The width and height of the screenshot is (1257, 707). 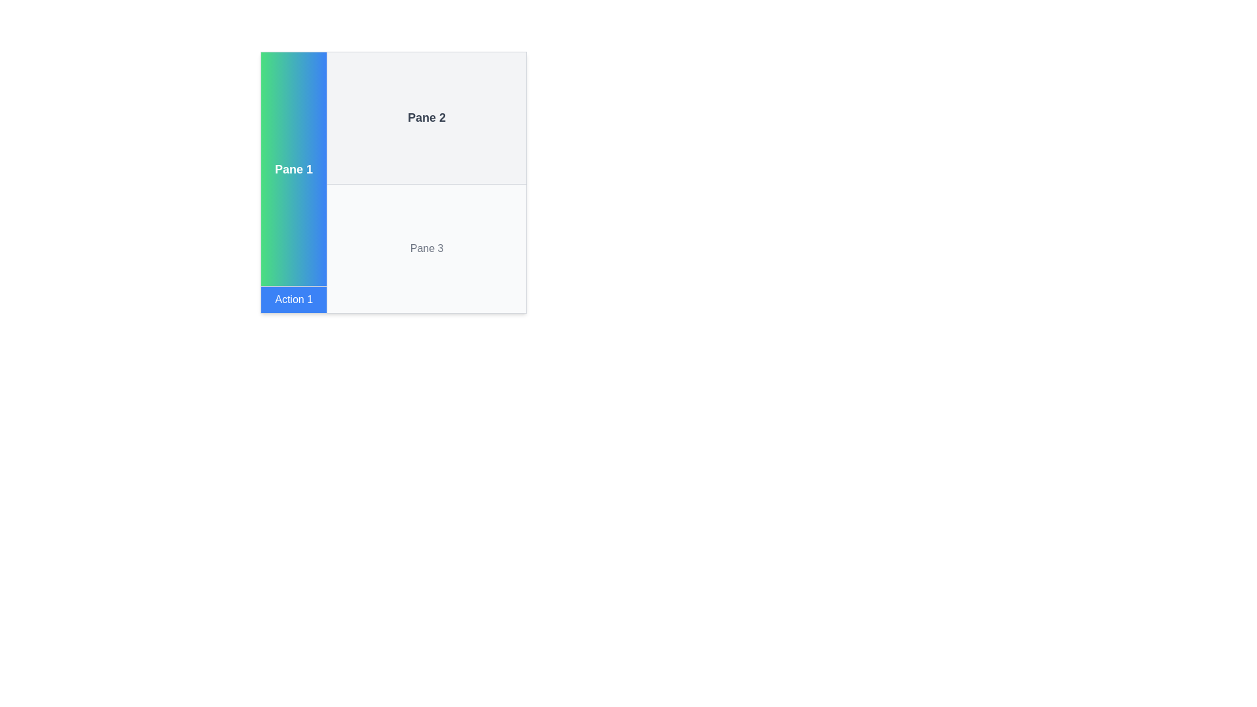 What do you see at coordinates (293, 300) in the screenshot?
I see `the button labeled 'Action 1' located at the bottom of the left-aligned vertical panel 'Pane 1'` at bounding box center [293, 300].